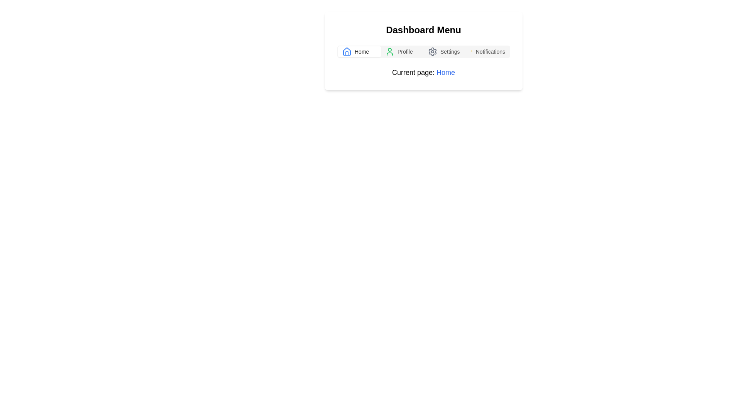 The height and width of the screenshot is (417, 741). Describe the element at coordinates (359, 52) in the screenshot. I see `the 'Home' tab in the top menu bar under 'Dashboard Menu'` at that location.